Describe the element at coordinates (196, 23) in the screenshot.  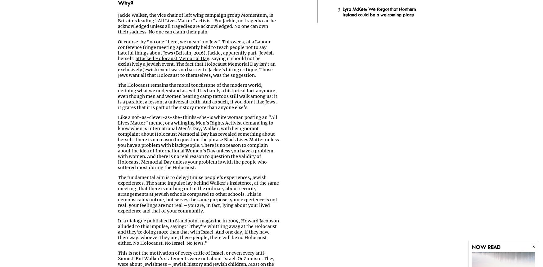
I see `'Jackie Walker, the vice chair of left wing campaign group Momentum, is Britain’s leading “All Lives Matter” activist. For Jackie, no tragedy can be acknowledged unless all tragedies are acknowledged. No one can own their sadness. No one can claim their pain.'` at that location.